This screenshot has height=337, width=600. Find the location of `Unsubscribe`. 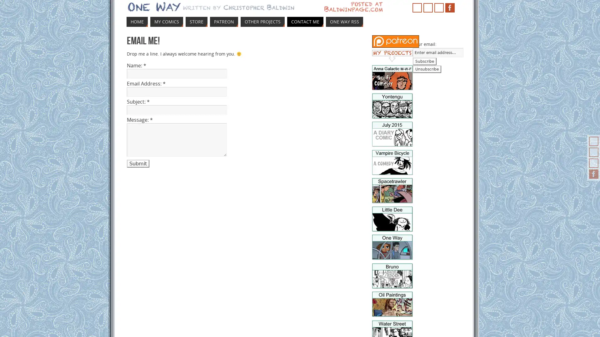

Unsubscribe is located at coordinates (427, 69).